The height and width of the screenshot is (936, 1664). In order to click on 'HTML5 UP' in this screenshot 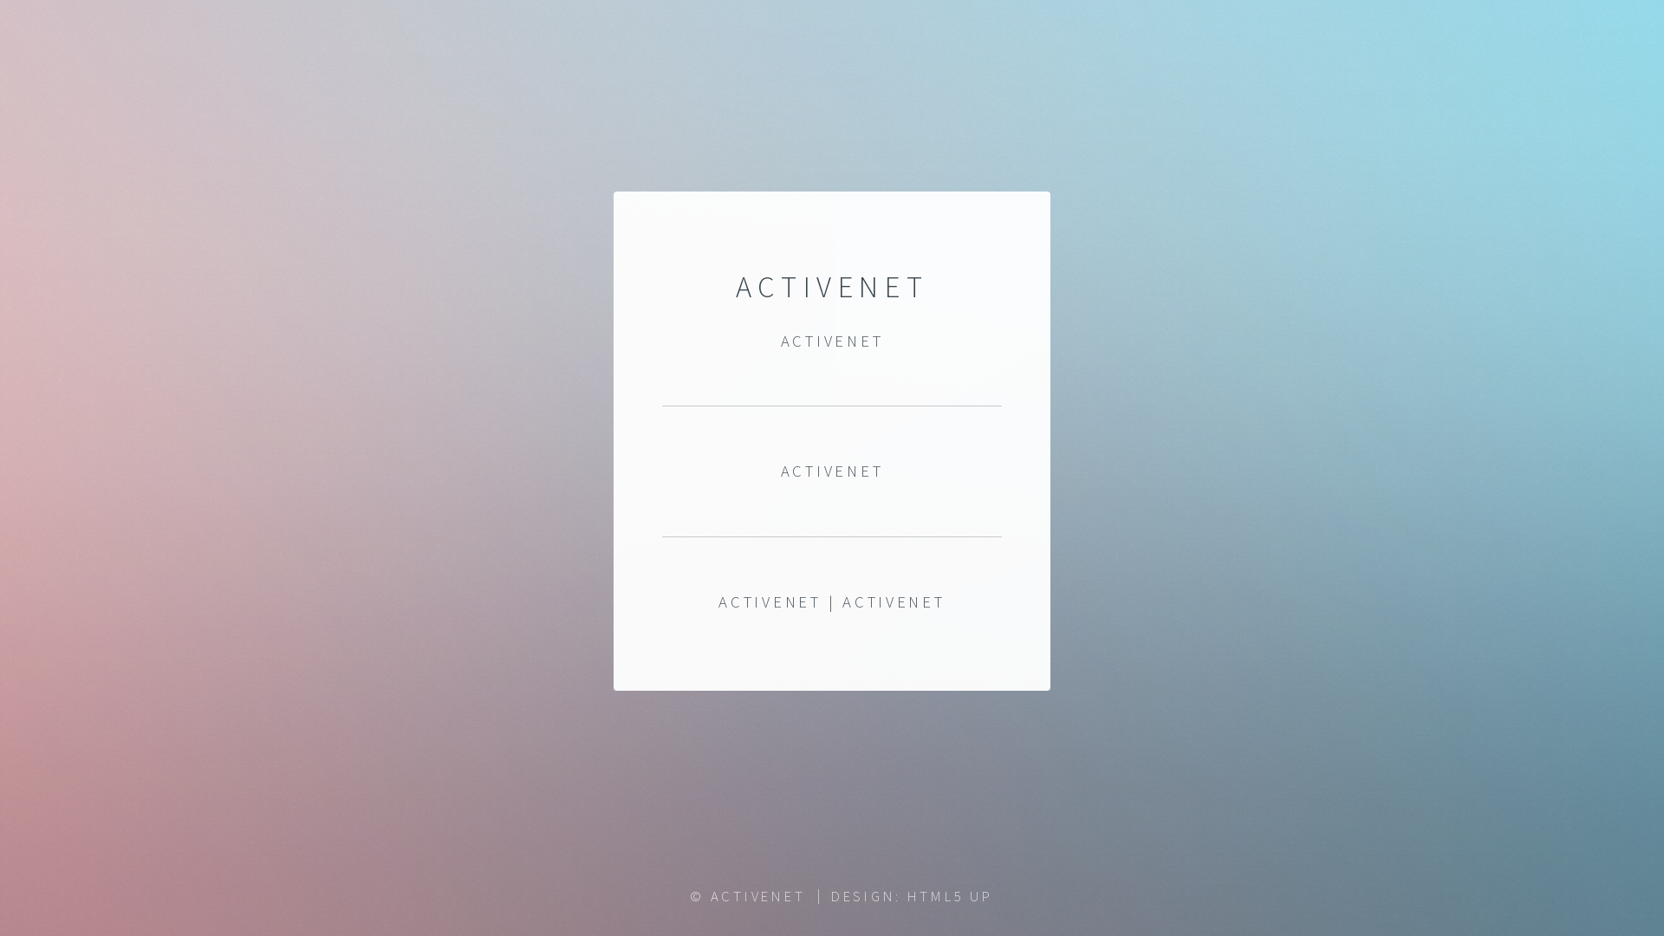, I will do `click(949, 895)`.